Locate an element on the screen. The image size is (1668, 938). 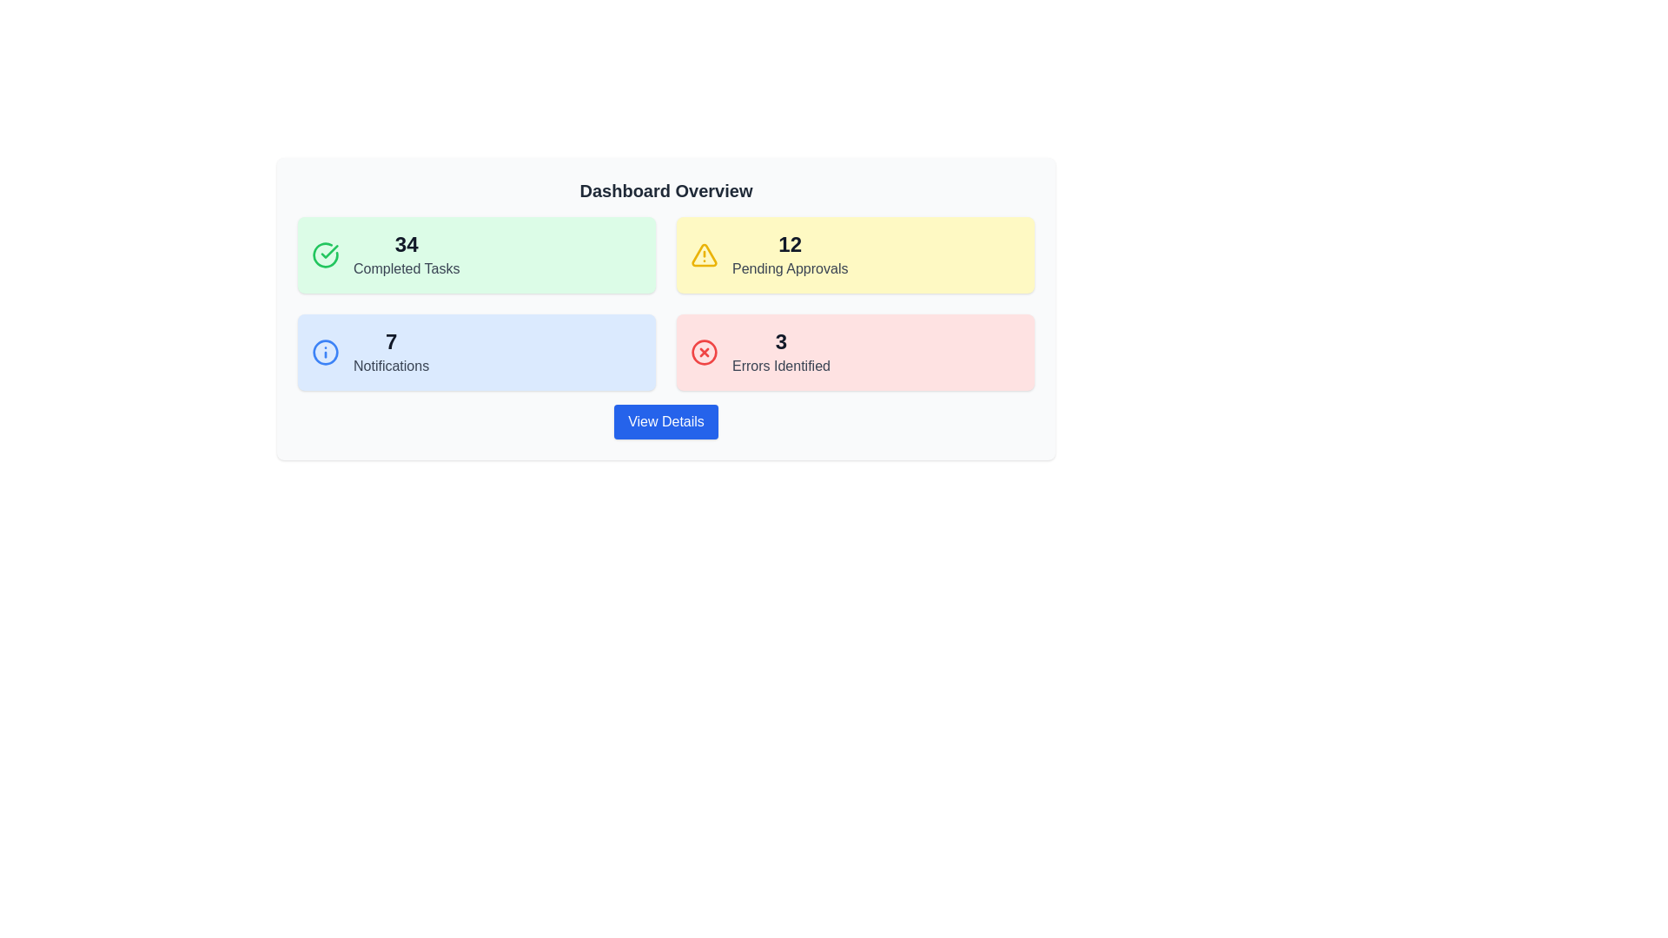
the rectangle-shaped button with a blue background and white text reading 'View Details' is located at coordinates (665, 422).